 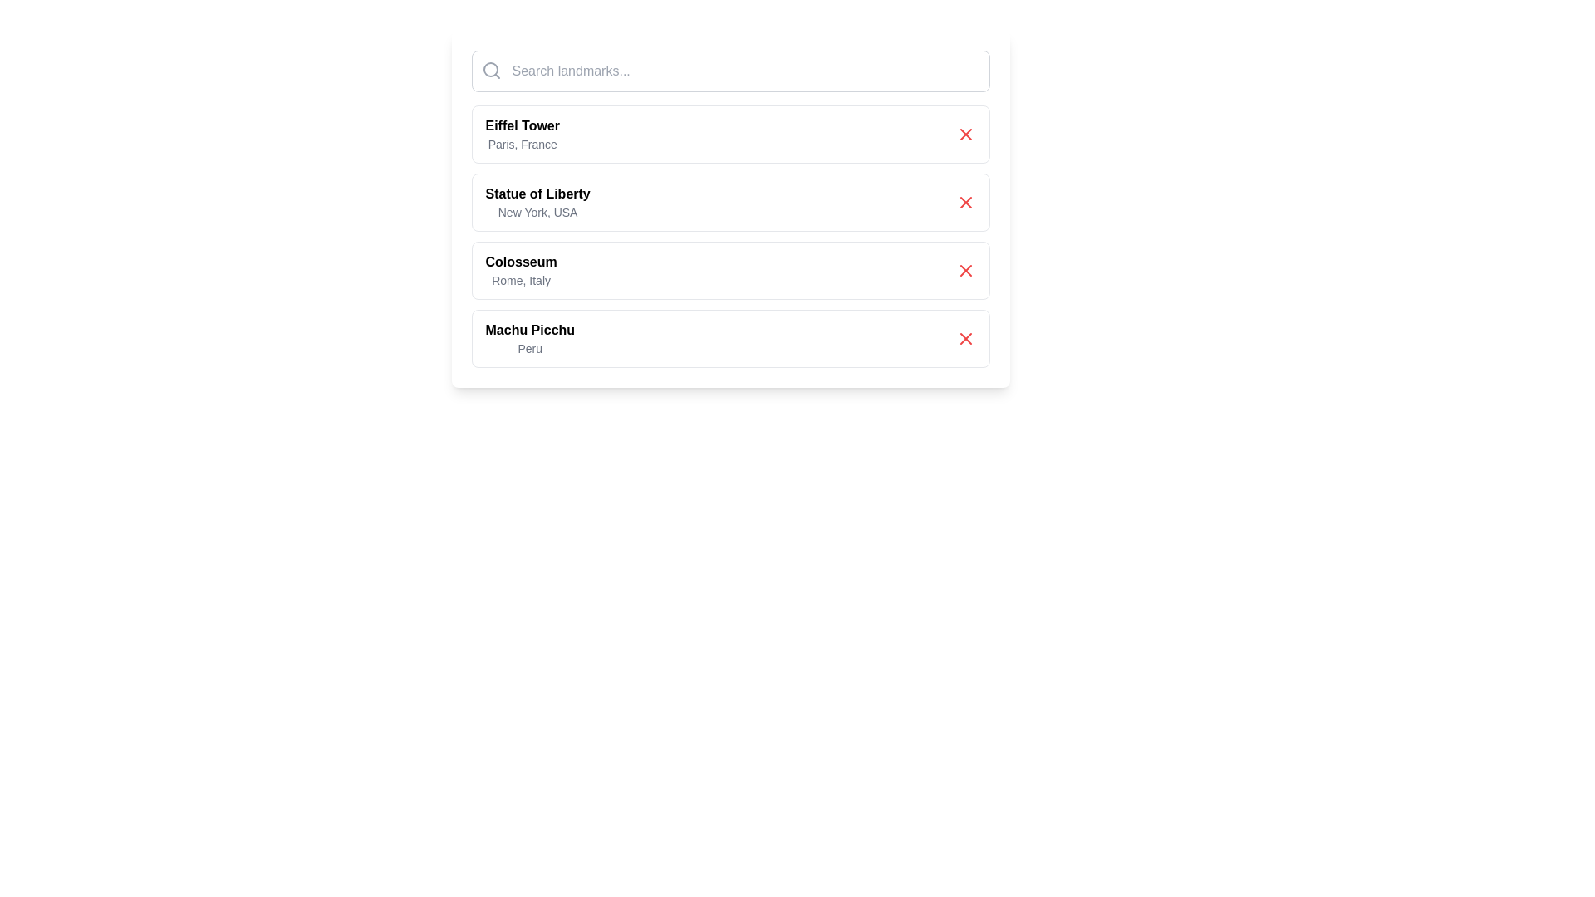 What do you see at coordinates (730, 208) in the screenshot?
I see `the second entry in the list, labeled 'Statue of Liberty' with 'New York, USA' beneath it` at bounding box center [730, 208].